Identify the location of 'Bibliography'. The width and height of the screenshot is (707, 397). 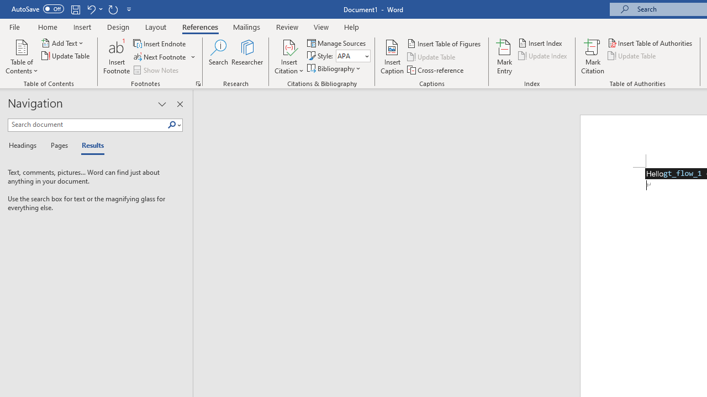
(334, 68).